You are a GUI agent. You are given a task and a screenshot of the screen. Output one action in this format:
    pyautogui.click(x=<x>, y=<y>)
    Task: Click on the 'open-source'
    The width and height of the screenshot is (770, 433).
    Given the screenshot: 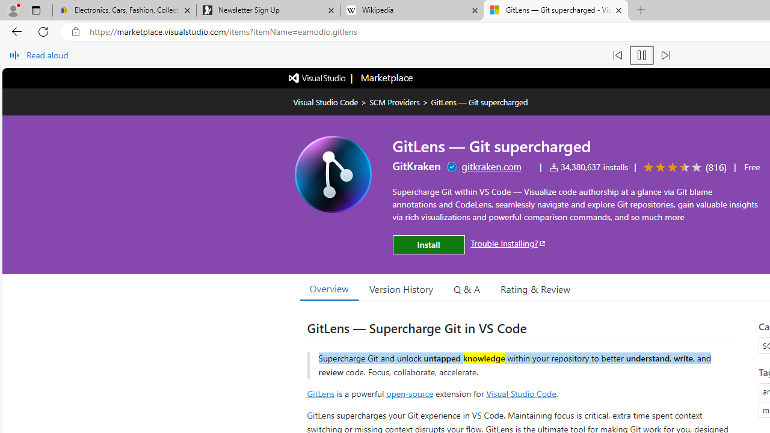 What is the action you would take?
    pyautogui.click(x=410, y=393)
    